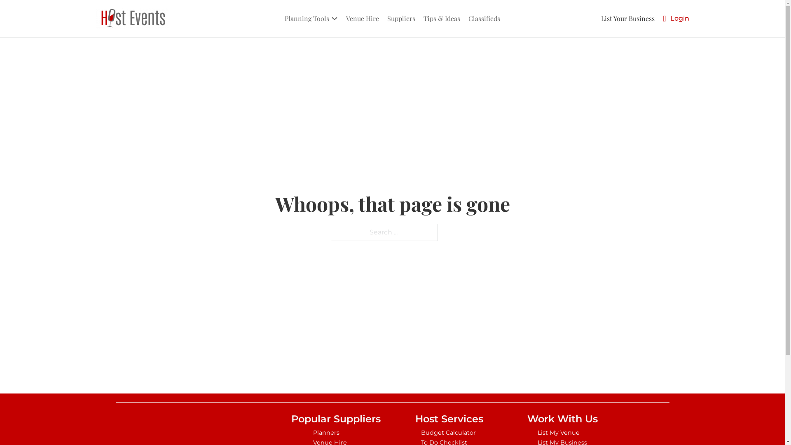 This screenshot has width=791, height=445. I want to click on 'Planning Tools', so click(306, 18).